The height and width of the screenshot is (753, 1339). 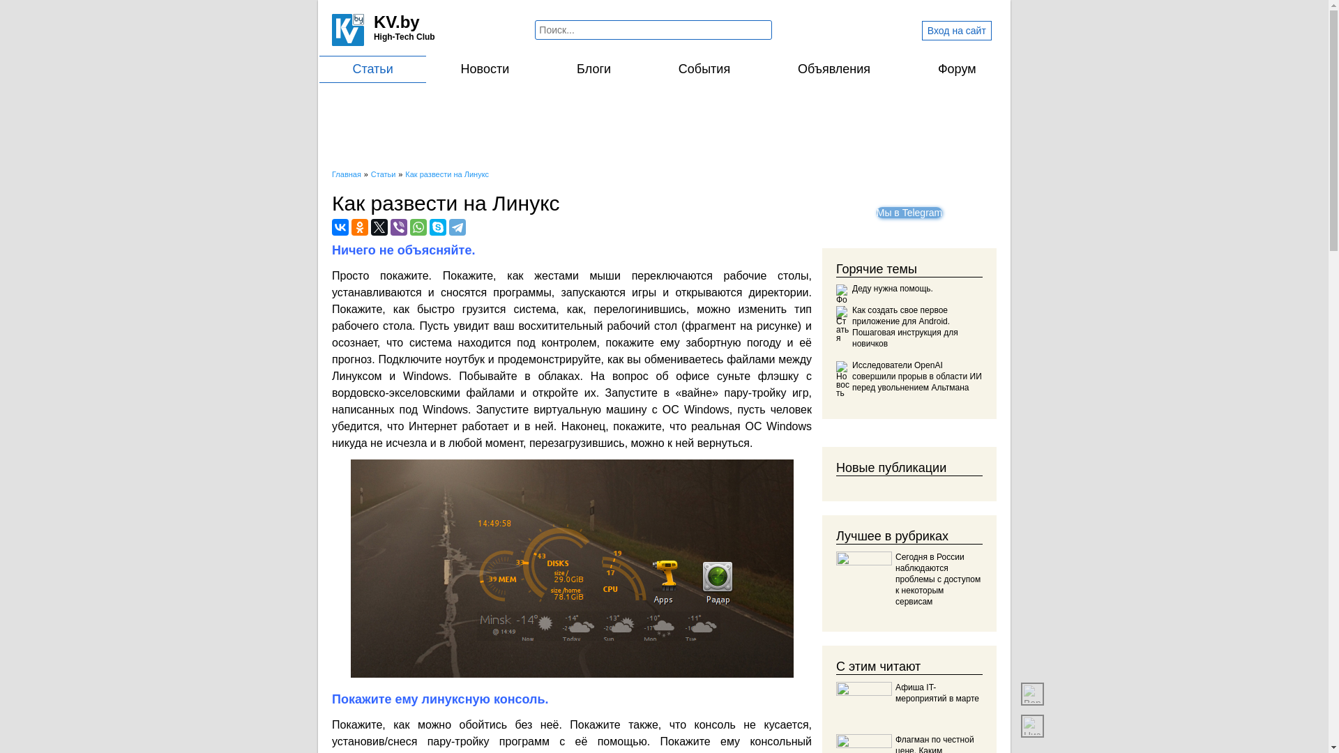 I want to click on 'KV.by', so click(x=396, y=22).